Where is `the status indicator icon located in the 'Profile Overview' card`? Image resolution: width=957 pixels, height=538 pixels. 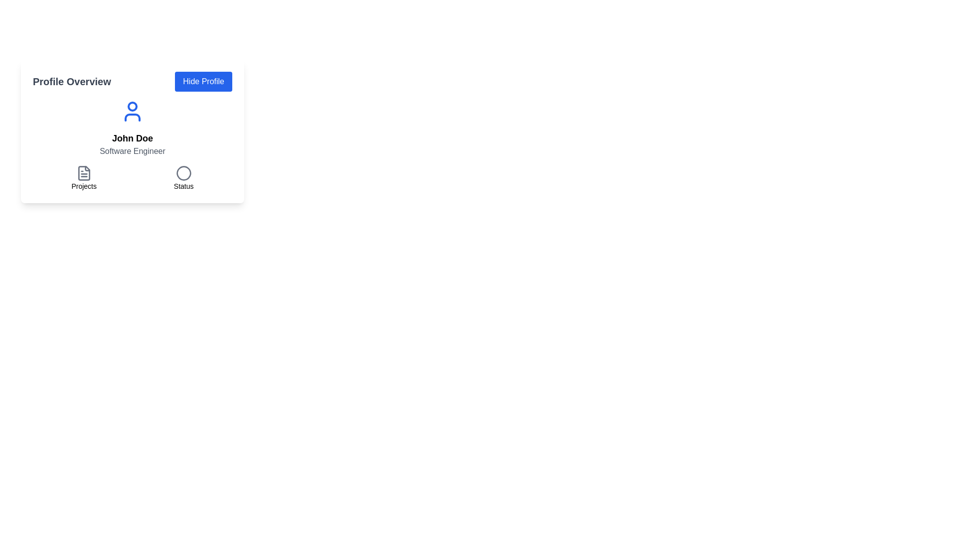 the status indicator icon located in the 'Profile Overview' card is located at coordinates (183, 178).